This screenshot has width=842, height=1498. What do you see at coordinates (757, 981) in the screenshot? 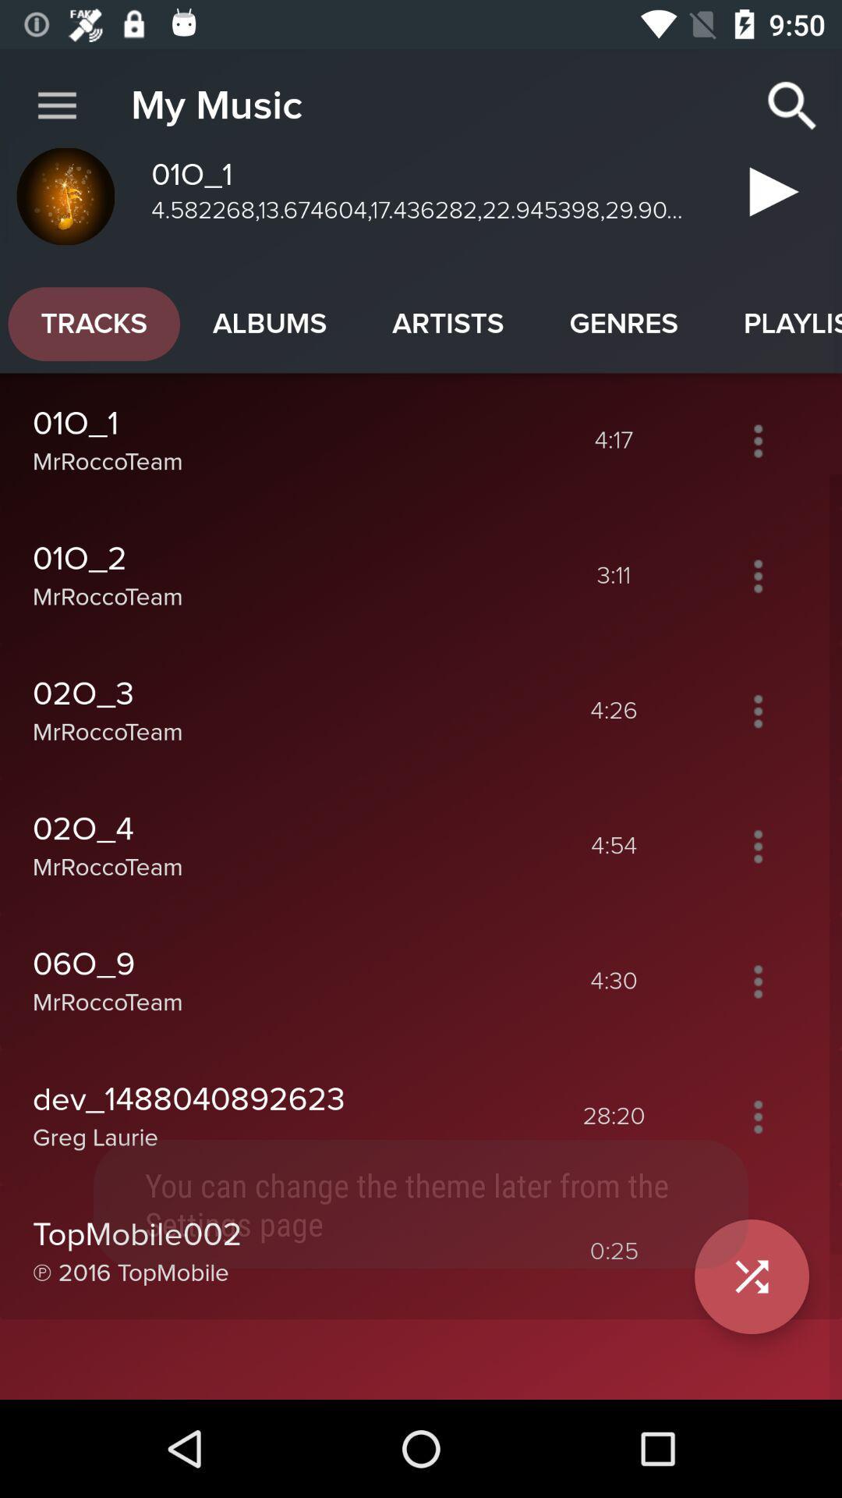
I see `open list item context menu` at bounding box center [757, 981].